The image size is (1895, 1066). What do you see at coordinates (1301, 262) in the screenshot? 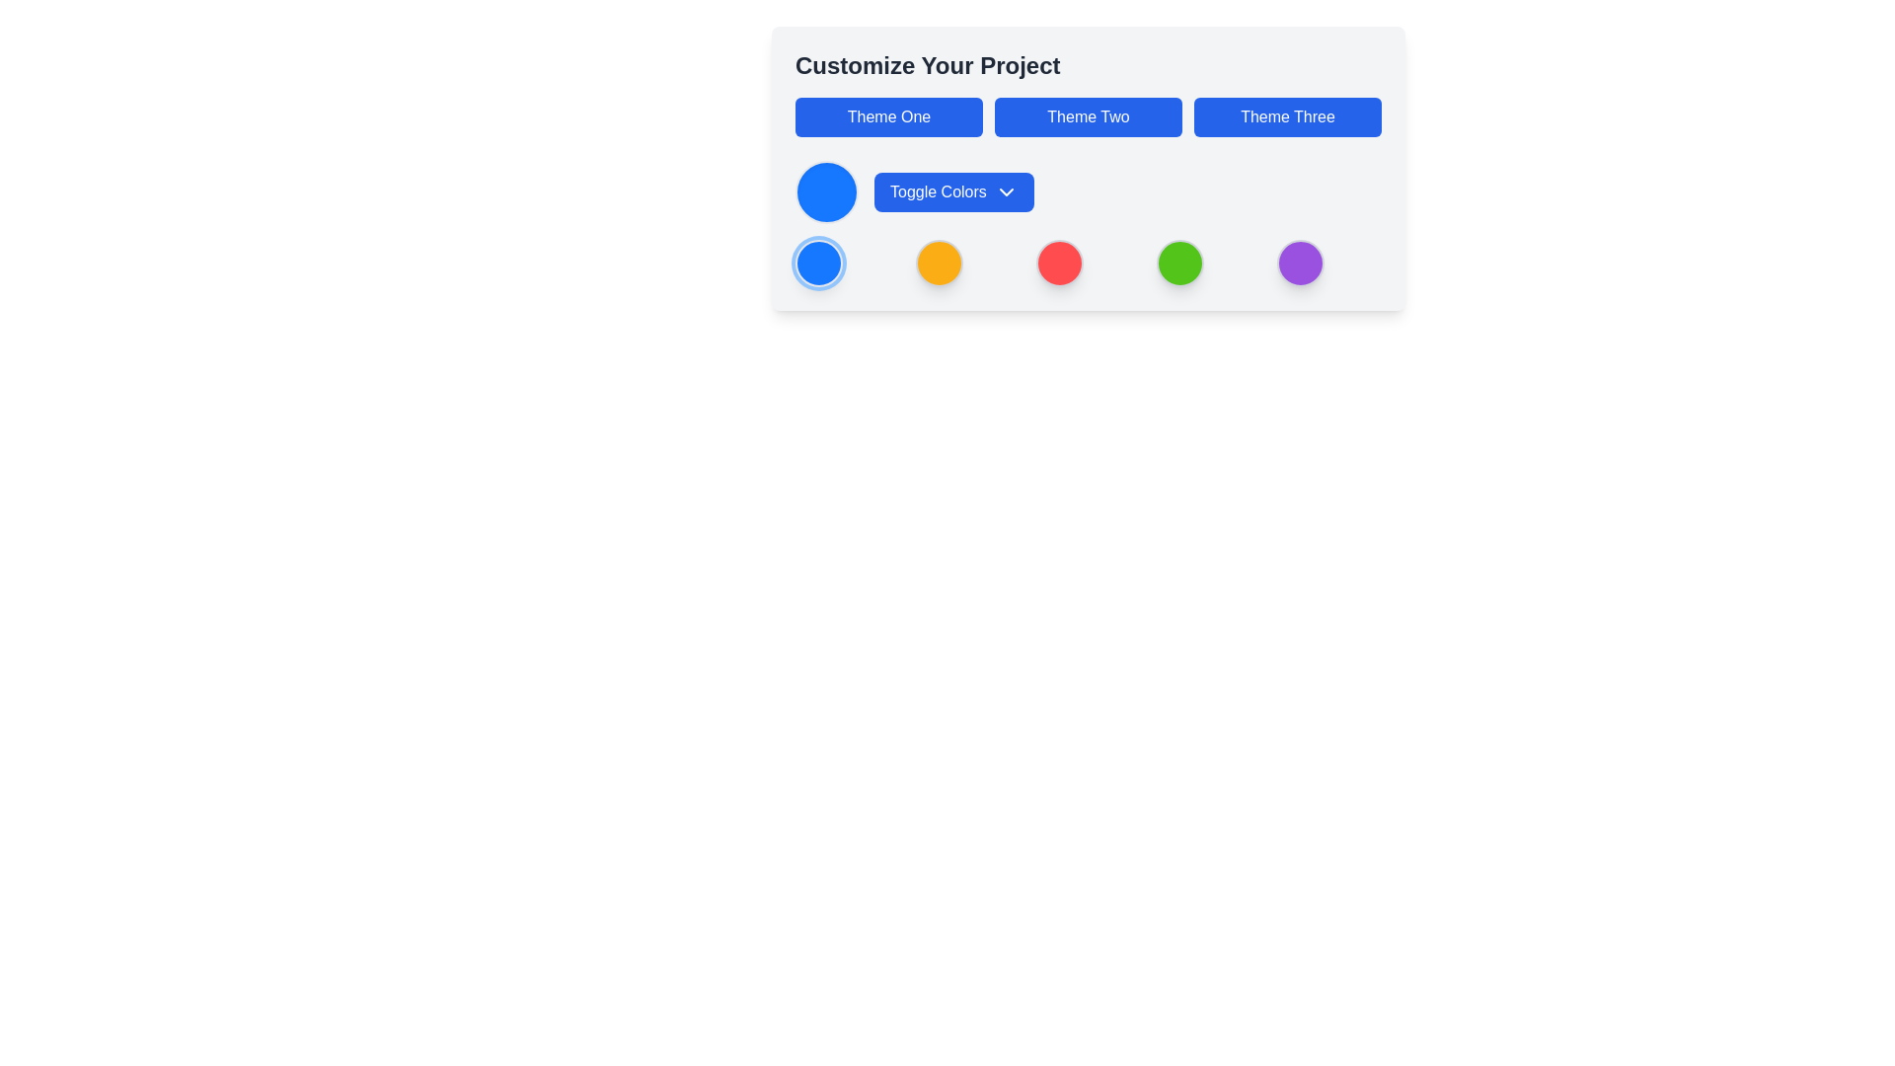
I see `the fifth circular button with a purple background in the row of buttons beneath the 'Toggle Colors' dropdown` at bounding box center [1301, 262].